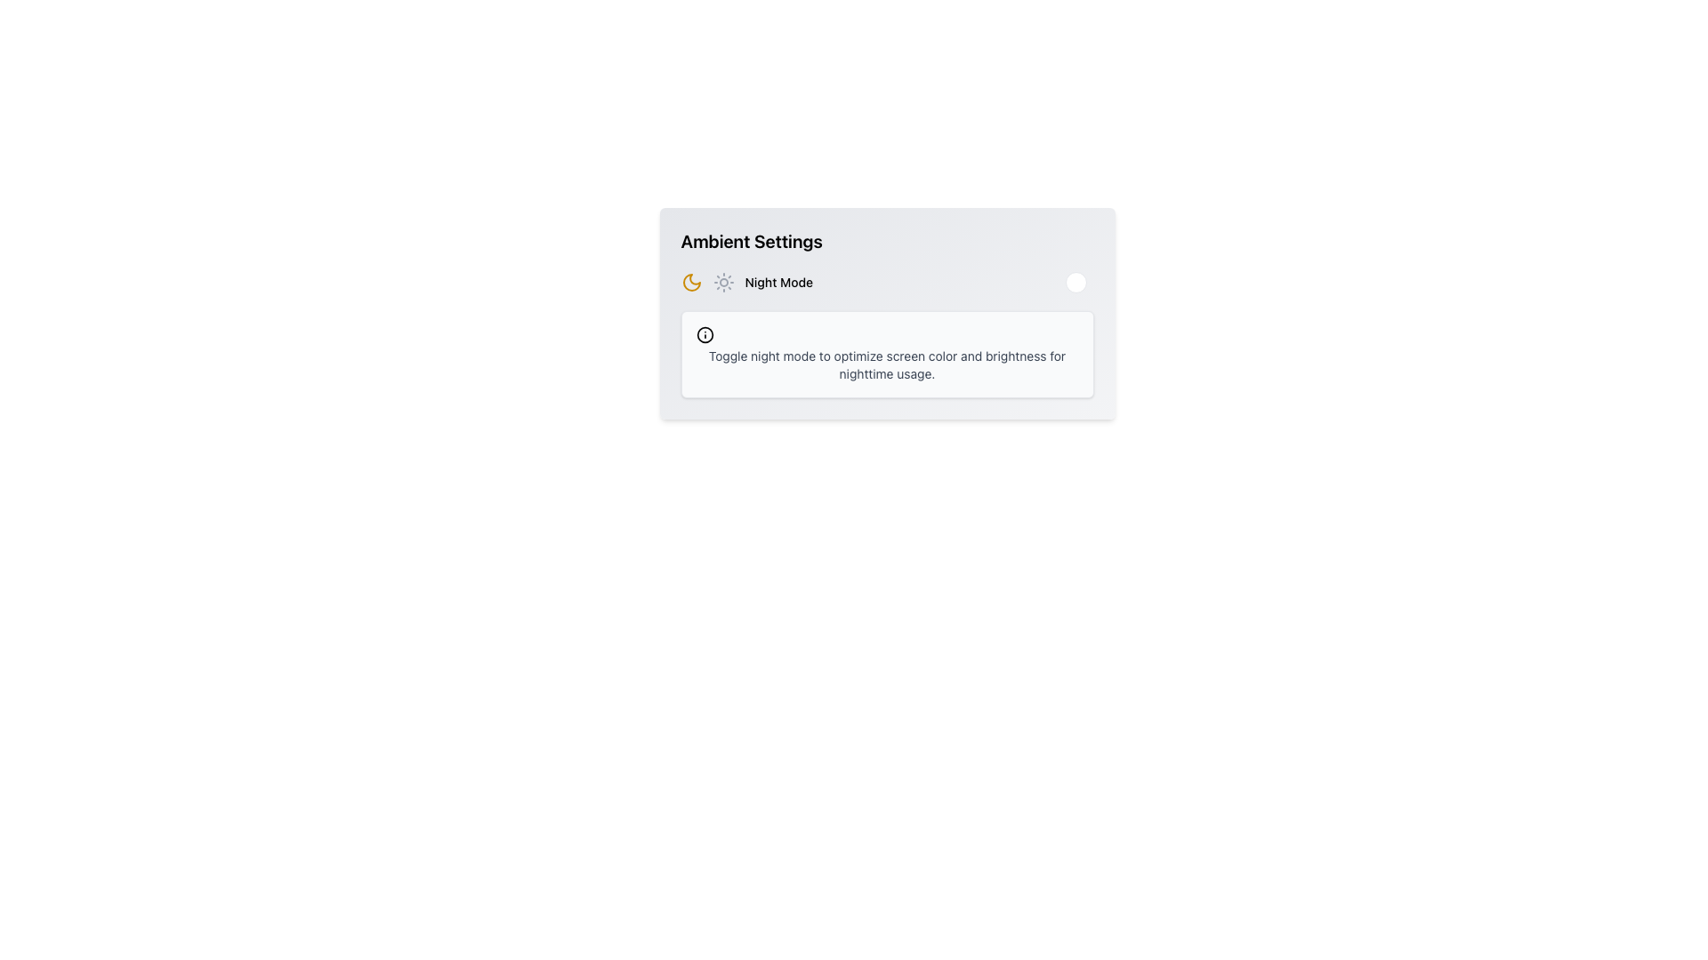  I want to click on the 'Night Mode' text label, which is styled with a small font and medium weight, located between a crescent moon icon and a sun icon in the upper section of the ambient settings panel, so click(778, 281).